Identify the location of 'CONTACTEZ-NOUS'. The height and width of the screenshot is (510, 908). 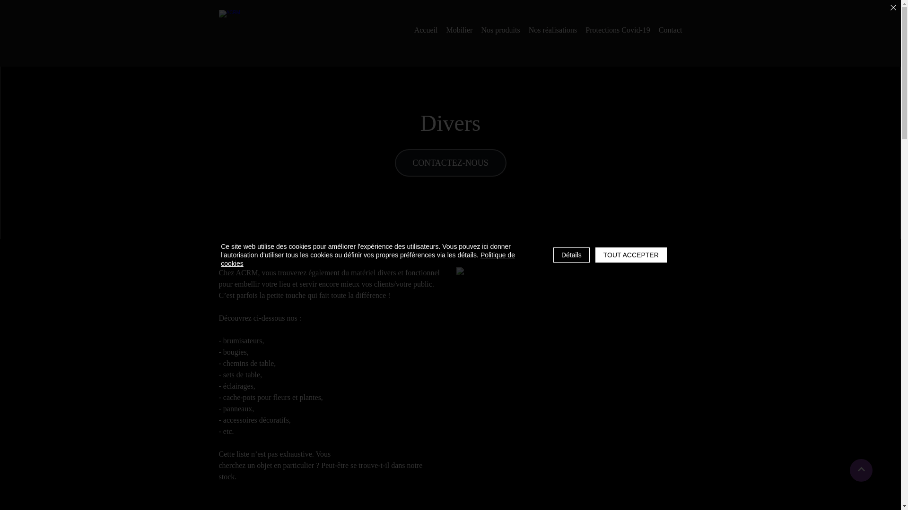
(449, 162).